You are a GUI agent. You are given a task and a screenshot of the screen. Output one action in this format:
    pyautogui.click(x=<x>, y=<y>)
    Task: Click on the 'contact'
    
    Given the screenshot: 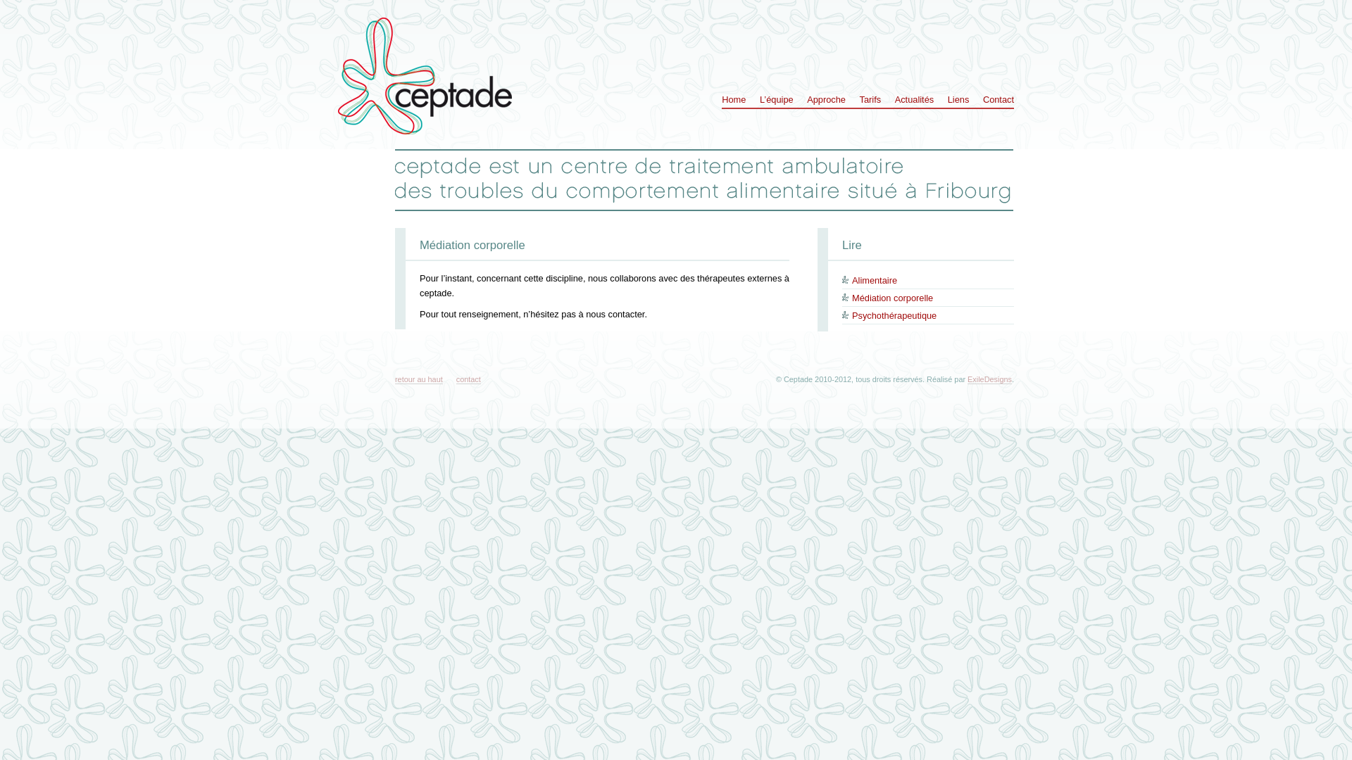 What is the action you would take?
    pyautogui.click(x=456, y=379)
    